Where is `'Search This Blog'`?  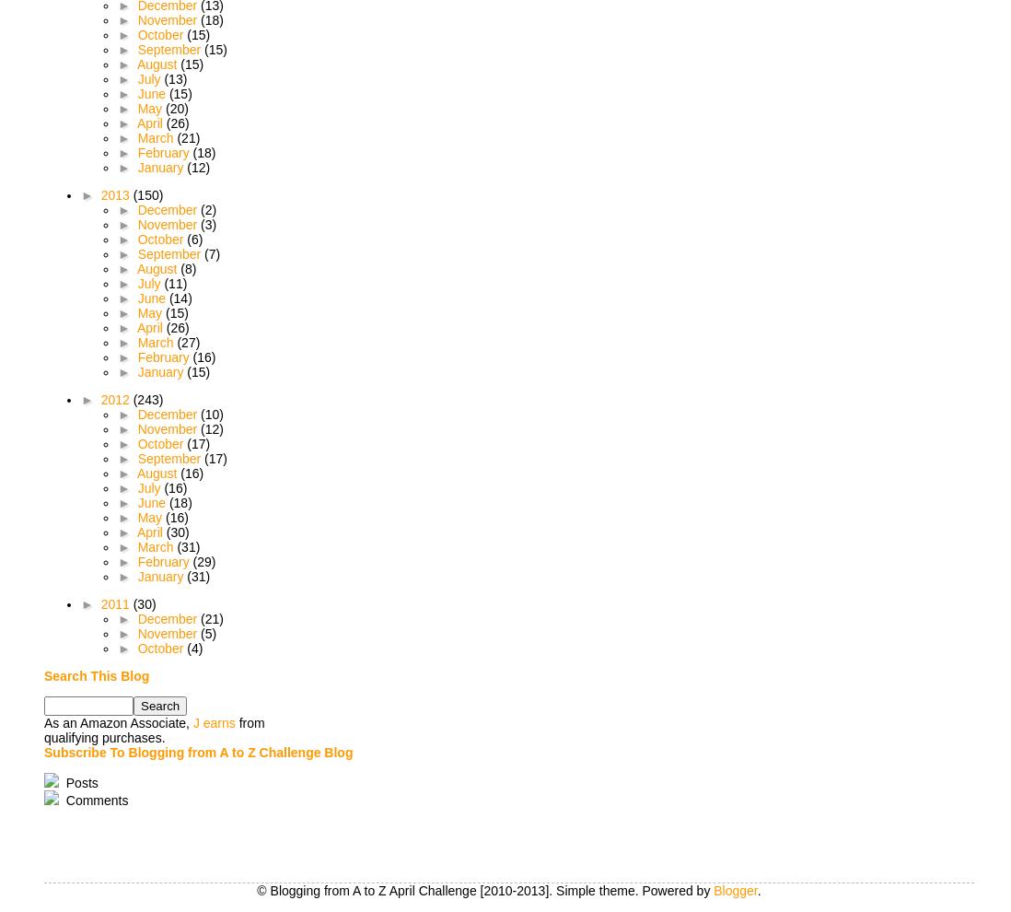 'Search This Blog' is located at coordinates (96, 674).